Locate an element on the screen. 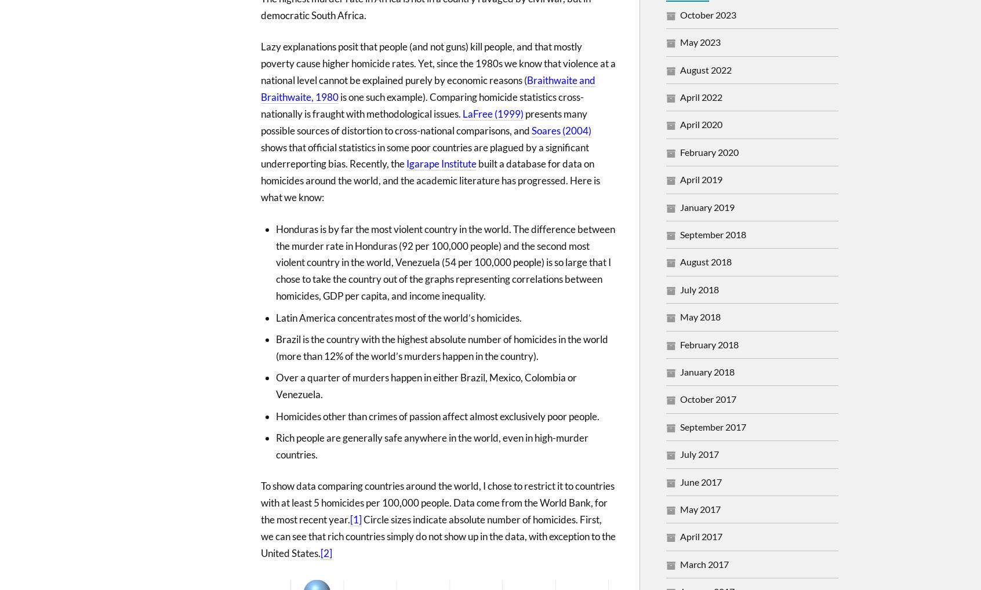 The width and height of the screenshot is (981, 590). 'shows that official statistics in some poor countries are plagued by a significant underreporting bias. Recently, the' is located at coordinates (424, 155).